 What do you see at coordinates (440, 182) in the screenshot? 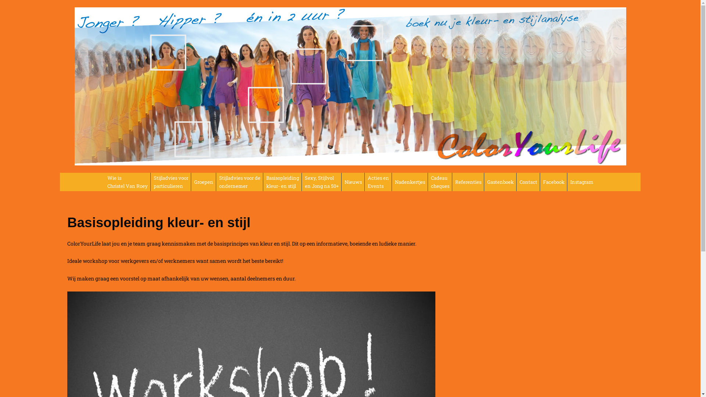
I see `'Cadeau` at bounding box center [440, 182].